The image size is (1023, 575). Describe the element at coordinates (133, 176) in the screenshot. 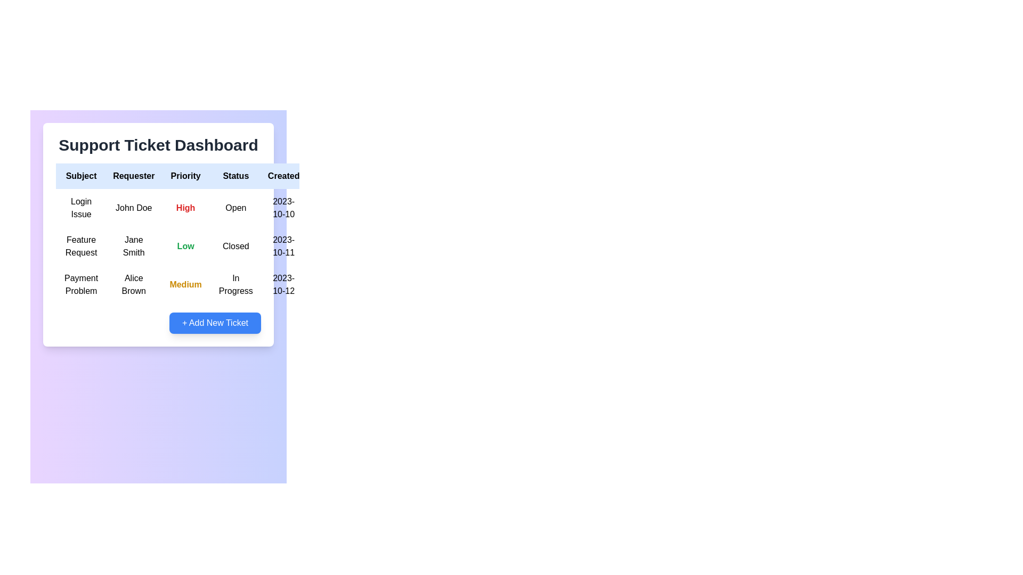

I see `the 'Requester' header label in the Support Ticket Dashboard, which is the second column in a sequence of headers` at that location.